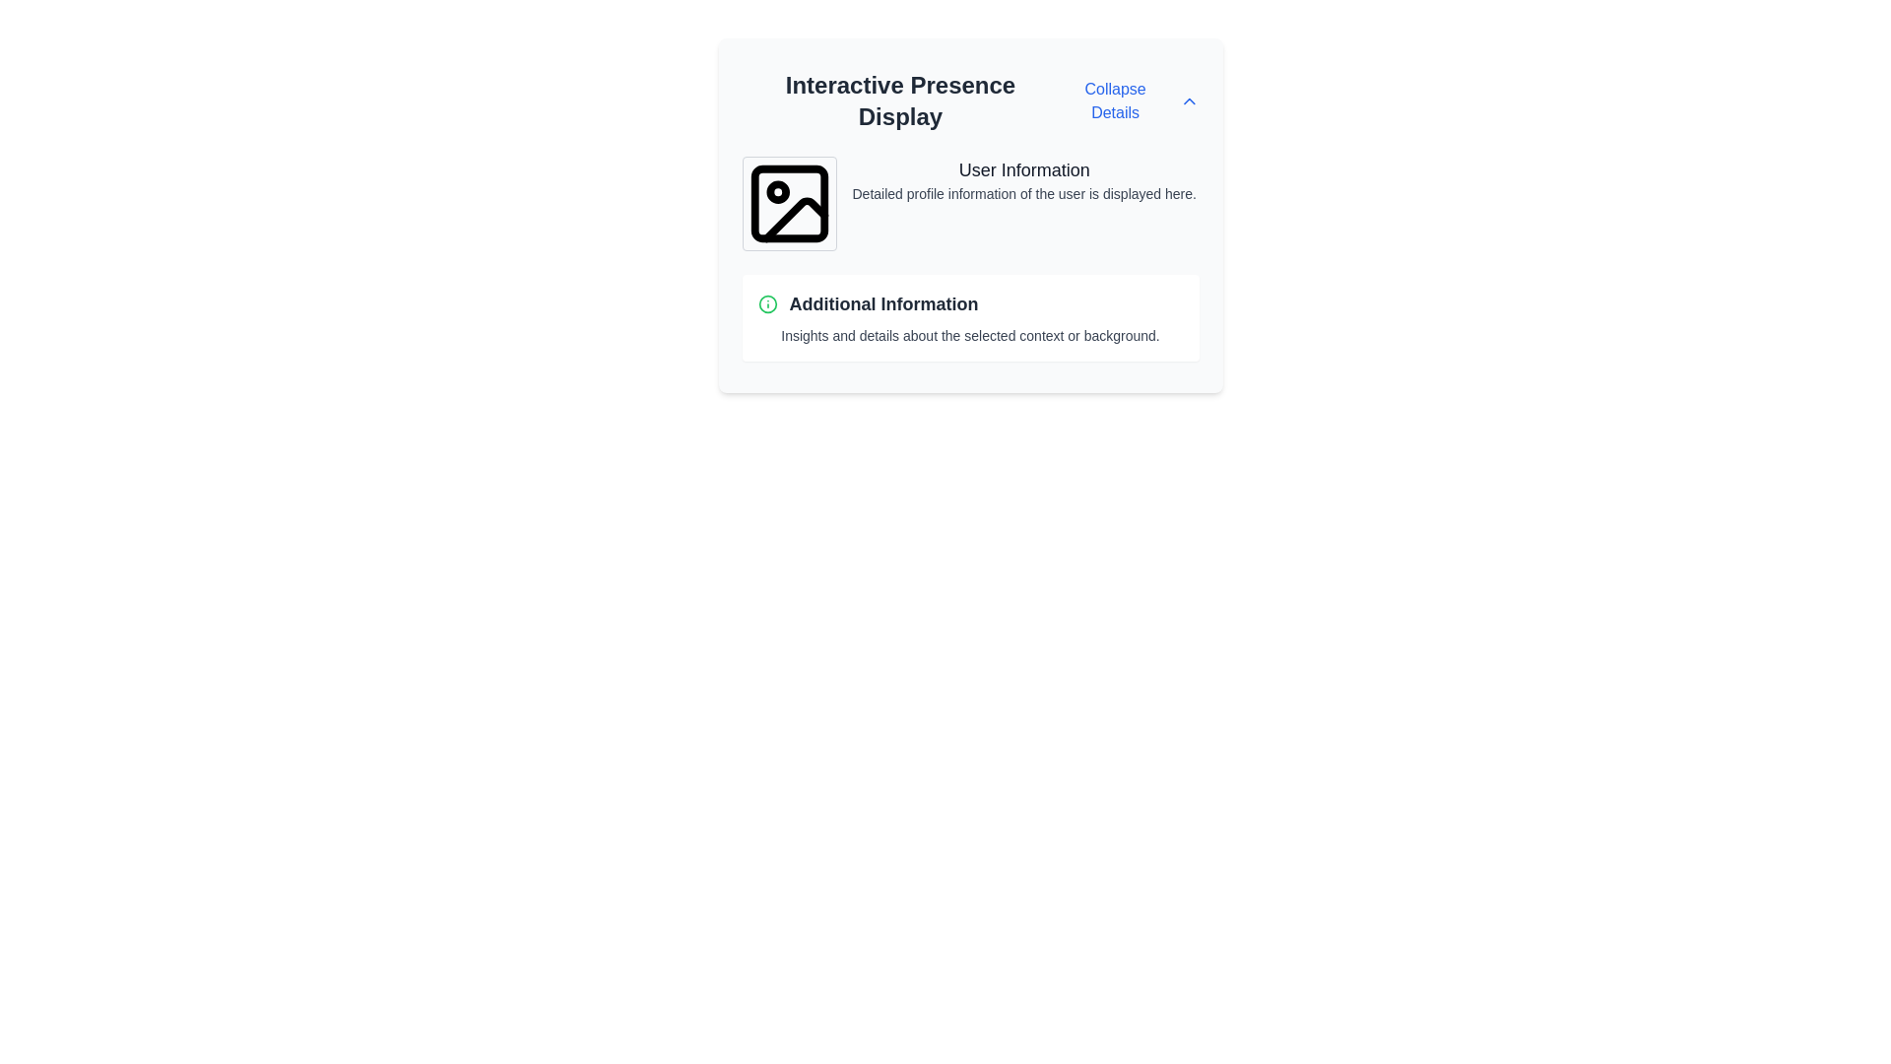  I want to click on the text snippet containing 'Insights and details about the selected context or background.' located under the title 'Additional Information.', so click(970, 334).